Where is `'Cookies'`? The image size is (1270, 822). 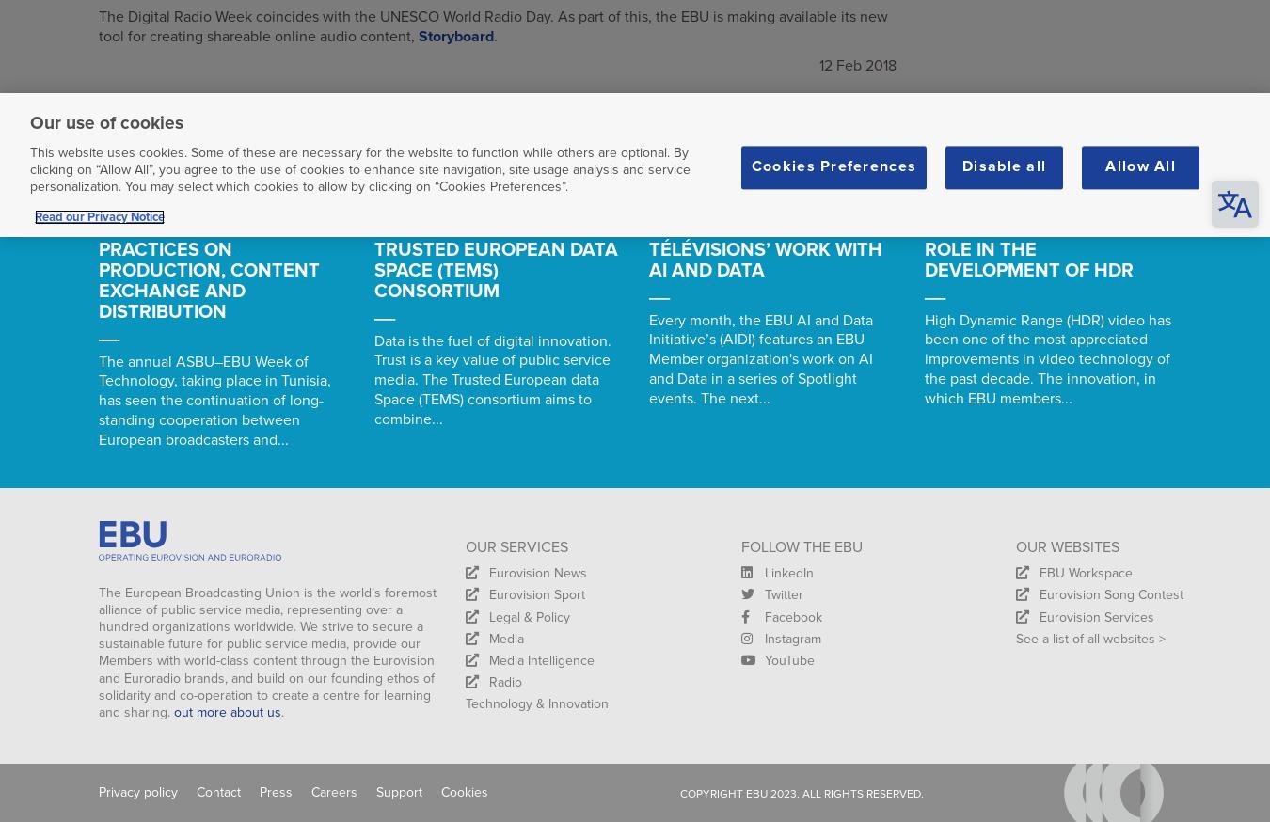 'Cookies' is located at coordinates (439, 792).